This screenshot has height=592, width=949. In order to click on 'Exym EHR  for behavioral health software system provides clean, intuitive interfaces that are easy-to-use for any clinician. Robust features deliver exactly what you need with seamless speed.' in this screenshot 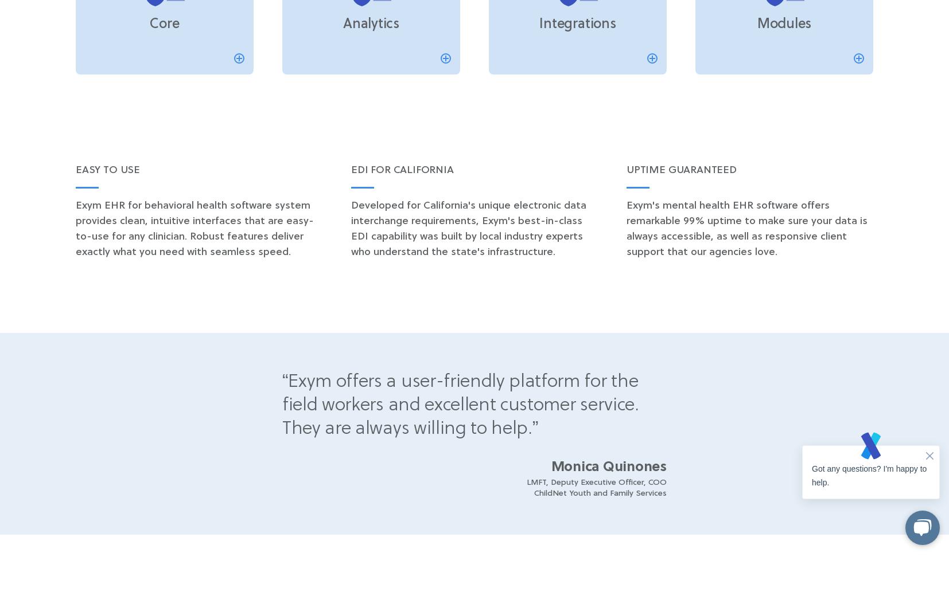, I will do `click(194, 229)`.